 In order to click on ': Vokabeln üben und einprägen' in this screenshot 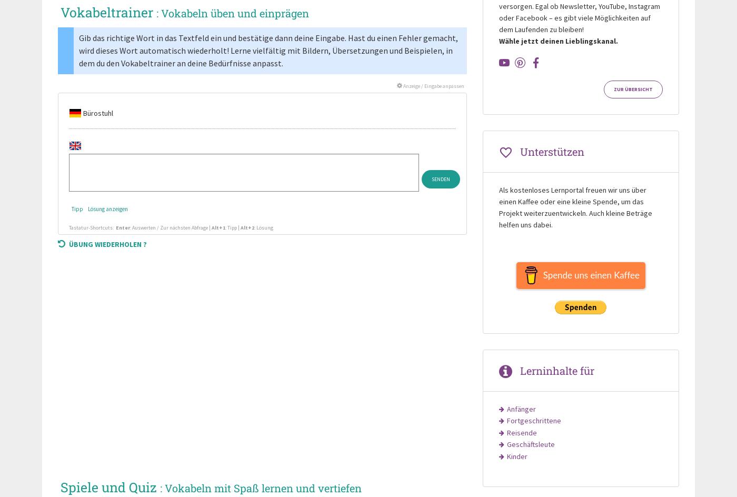, I will do `click(232, 13)`.